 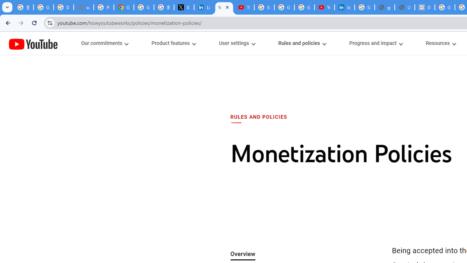 I want to click on 'Rules and policies menupopup', so click(x=302, y=43).